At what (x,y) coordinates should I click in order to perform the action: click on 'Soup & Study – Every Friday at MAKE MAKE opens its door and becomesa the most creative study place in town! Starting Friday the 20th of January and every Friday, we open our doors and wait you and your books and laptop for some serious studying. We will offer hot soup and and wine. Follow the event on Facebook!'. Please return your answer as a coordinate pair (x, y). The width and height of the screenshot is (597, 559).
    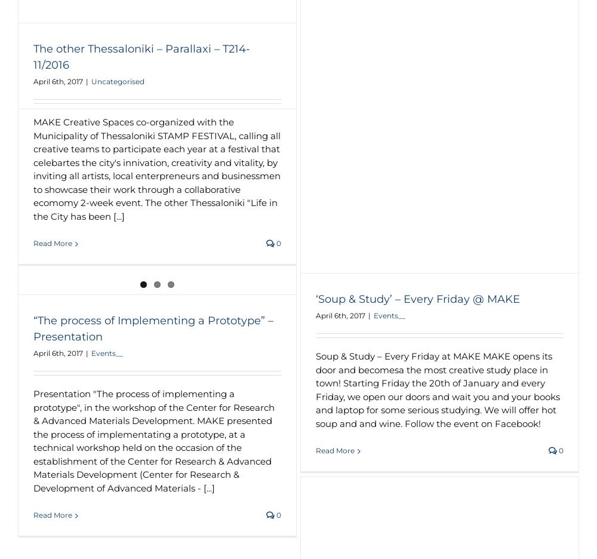
    Looking at the image, I should click on (437, 389).